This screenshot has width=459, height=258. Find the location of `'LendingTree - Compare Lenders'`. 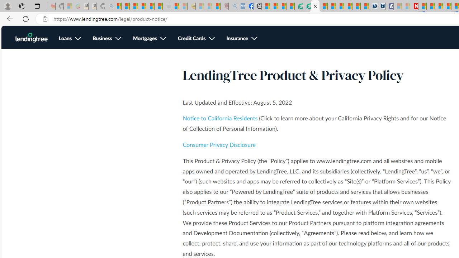

'LendingTree - Compare Lenders' is located at coordinates (298, 6).